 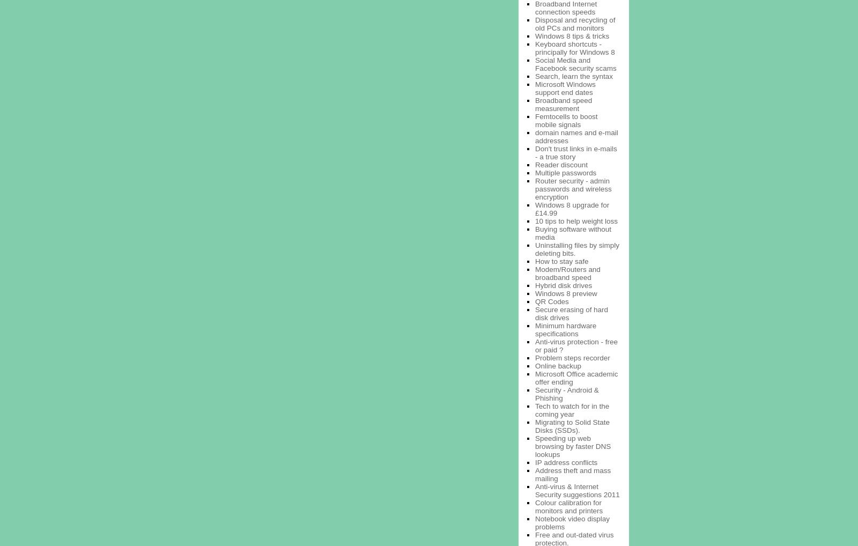 I want to click on 'Search, learn the syntax', so click(x=573, y=75).